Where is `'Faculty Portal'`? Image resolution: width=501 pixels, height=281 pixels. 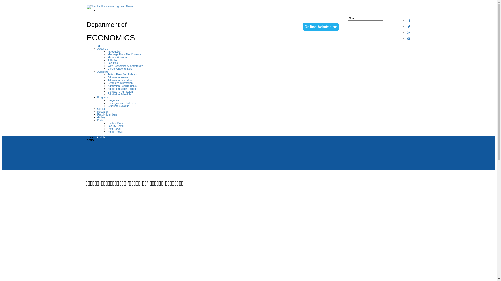
'Faculty Portal' is located at coordinates (115, 126).